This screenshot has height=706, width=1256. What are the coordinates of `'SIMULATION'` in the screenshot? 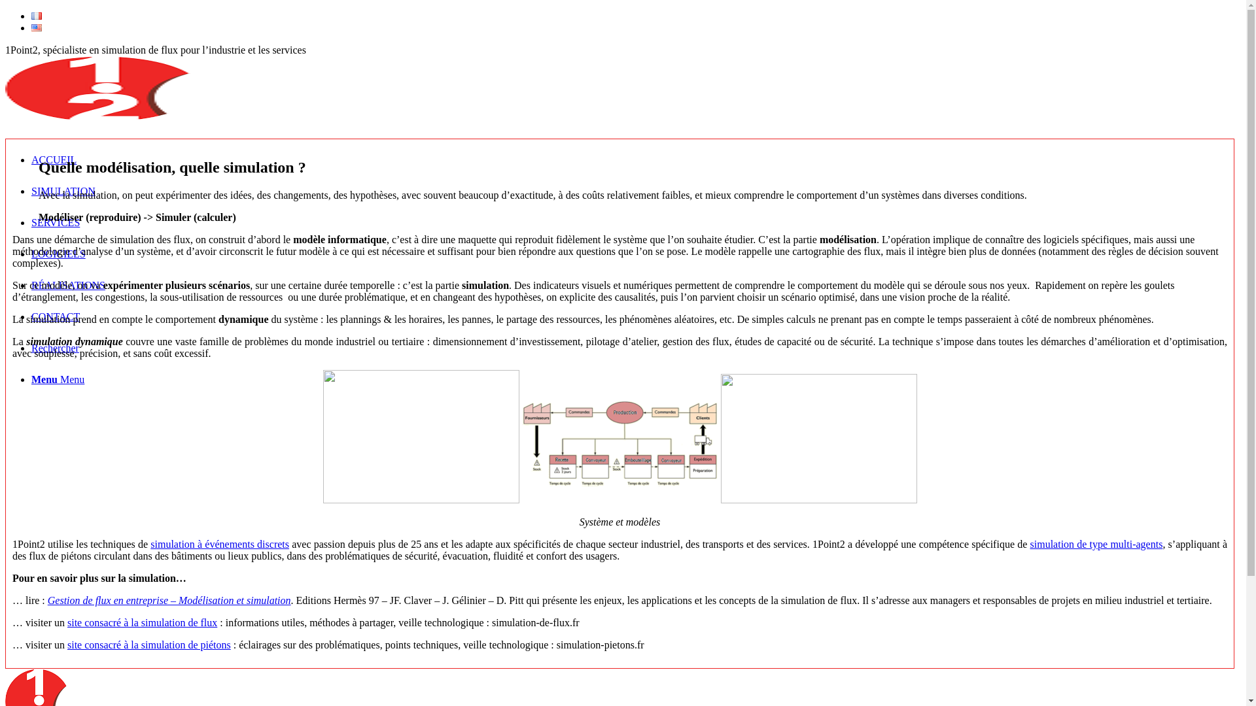 It's located at (62, 191).